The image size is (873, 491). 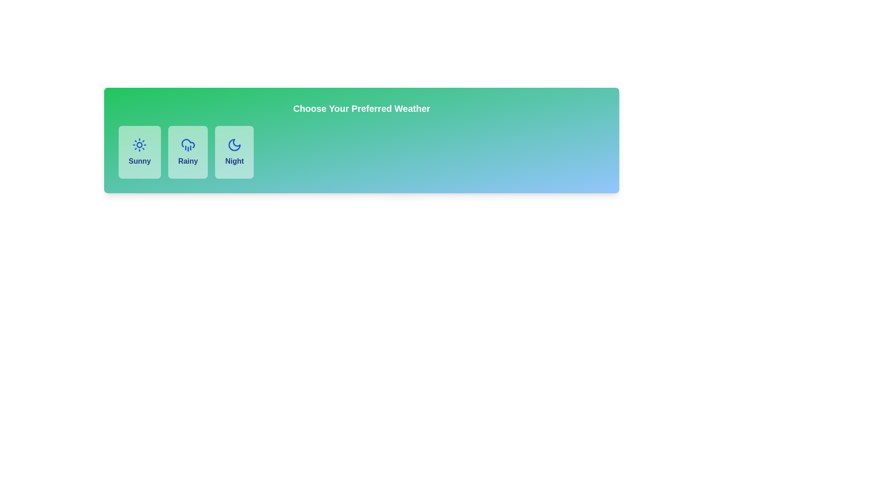 What do you see at coordinates (187, 160) in the screenshot?
I see `text label within the second button that indicates the 'Rainy' weather option, located under 'Choose Your Preferred Weather.'` at bounding box center [187, 160].